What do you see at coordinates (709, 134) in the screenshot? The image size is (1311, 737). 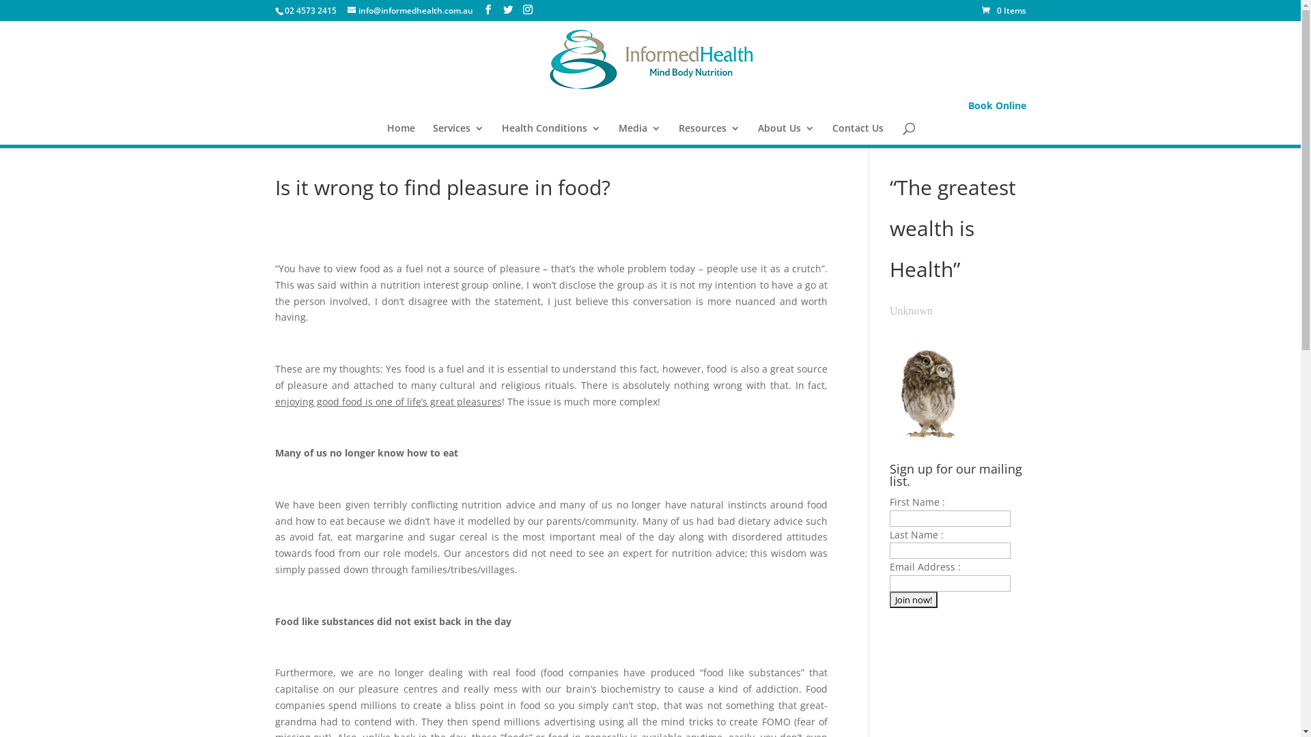 I see `'Resources'` at bounding box center [709, 134].